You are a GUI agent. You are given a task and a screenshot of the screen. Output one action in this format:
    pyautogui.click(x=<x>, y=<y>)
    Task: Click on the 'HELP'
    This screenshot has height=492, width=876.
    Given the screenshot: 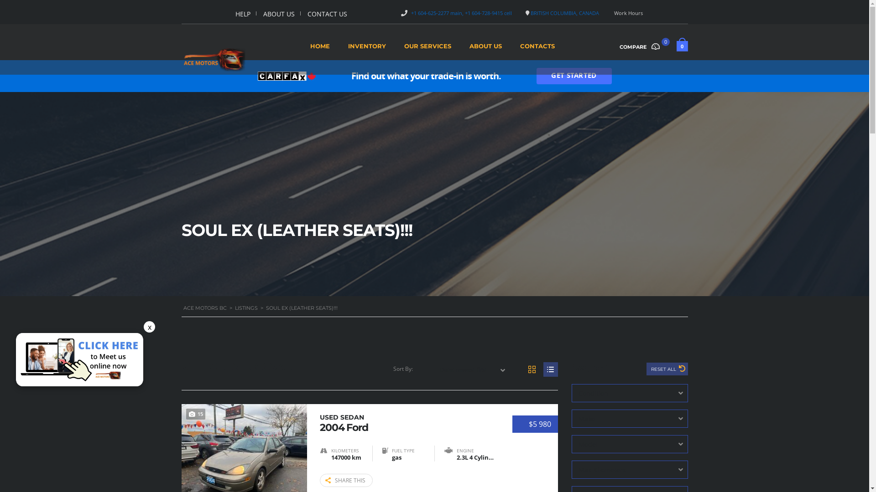 What is the action you would take?
    pyautogui.click(x=243, y=14)
    